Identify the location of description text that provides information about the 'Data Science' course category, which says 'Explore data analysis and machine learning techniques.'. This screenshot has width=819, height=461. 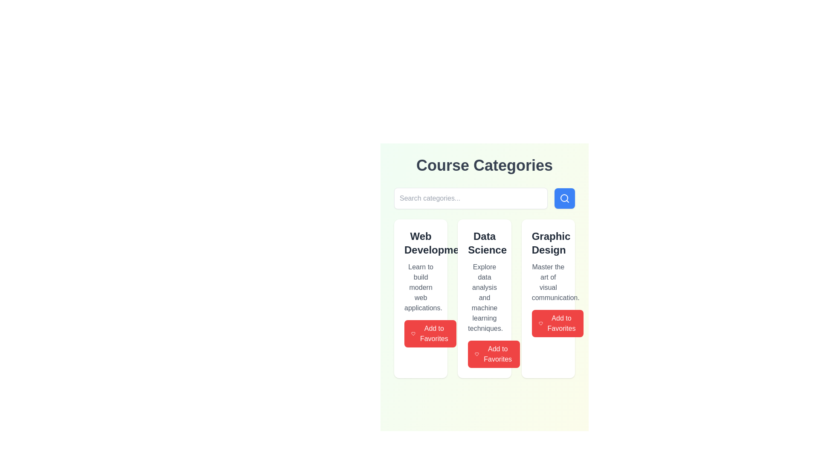
(485, 298).